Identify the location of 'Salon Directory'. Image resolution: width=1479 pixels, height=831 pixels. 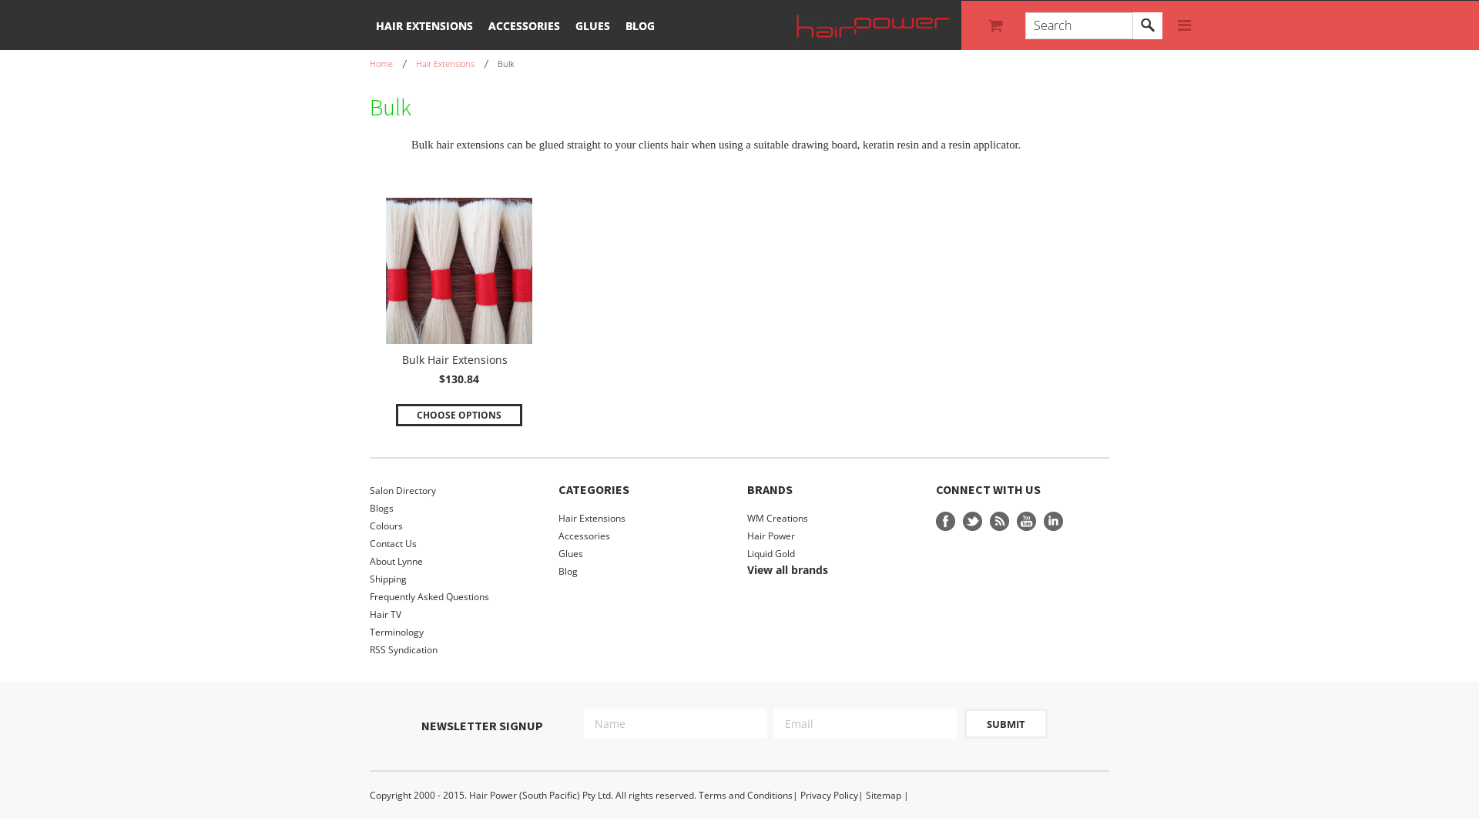
(455, 490).